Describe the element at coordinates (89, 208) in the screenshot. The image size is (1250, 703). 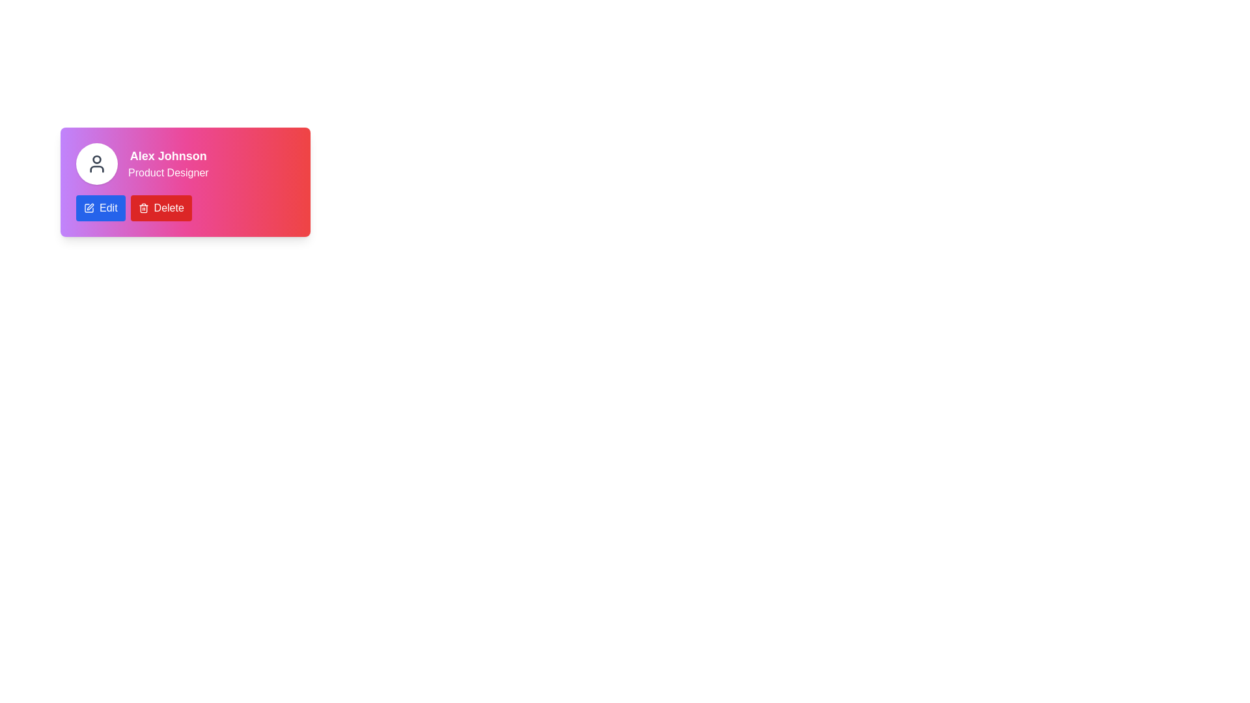
I see `the 'Edit' button which contains the icon indicating editing functionality` at that location.